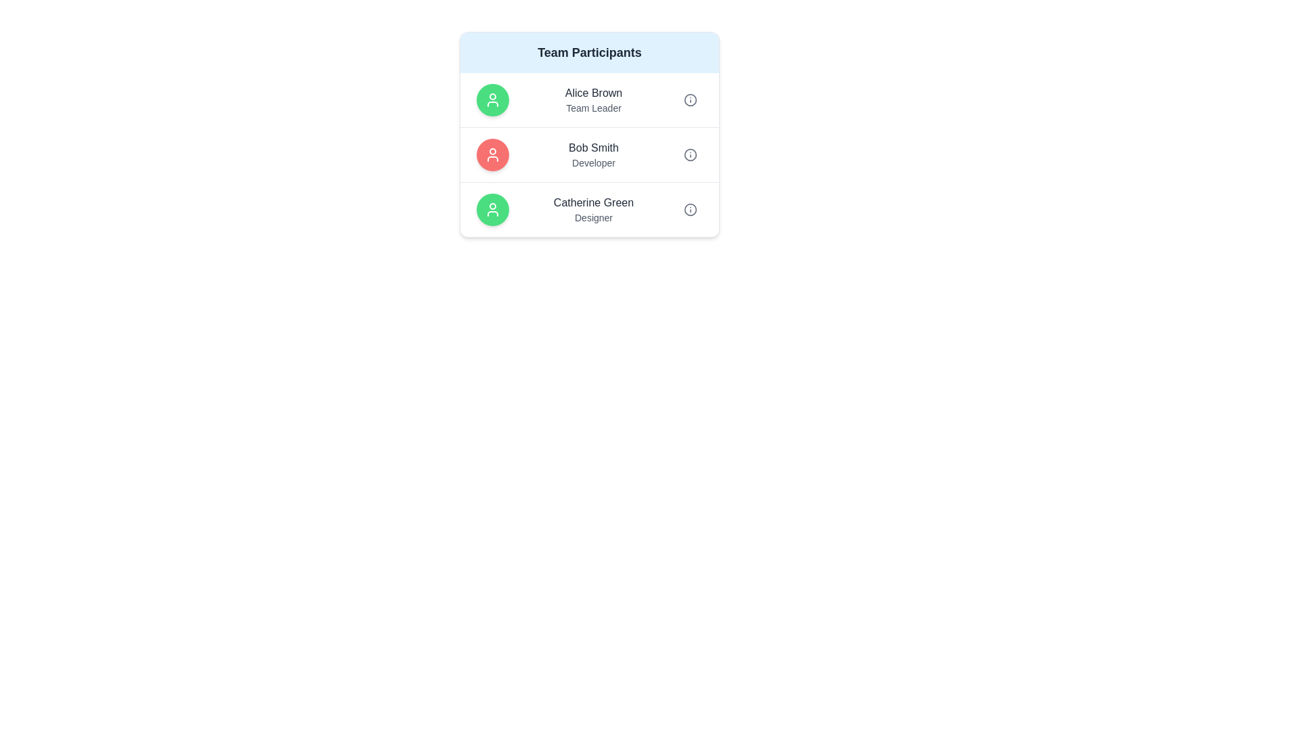  Describe the element at coordinates (690, 209) in the screenshot. I see `the information button located at the right end of the 'Catherine Green Designer' entry in the 'Team Participants' section` at that location.